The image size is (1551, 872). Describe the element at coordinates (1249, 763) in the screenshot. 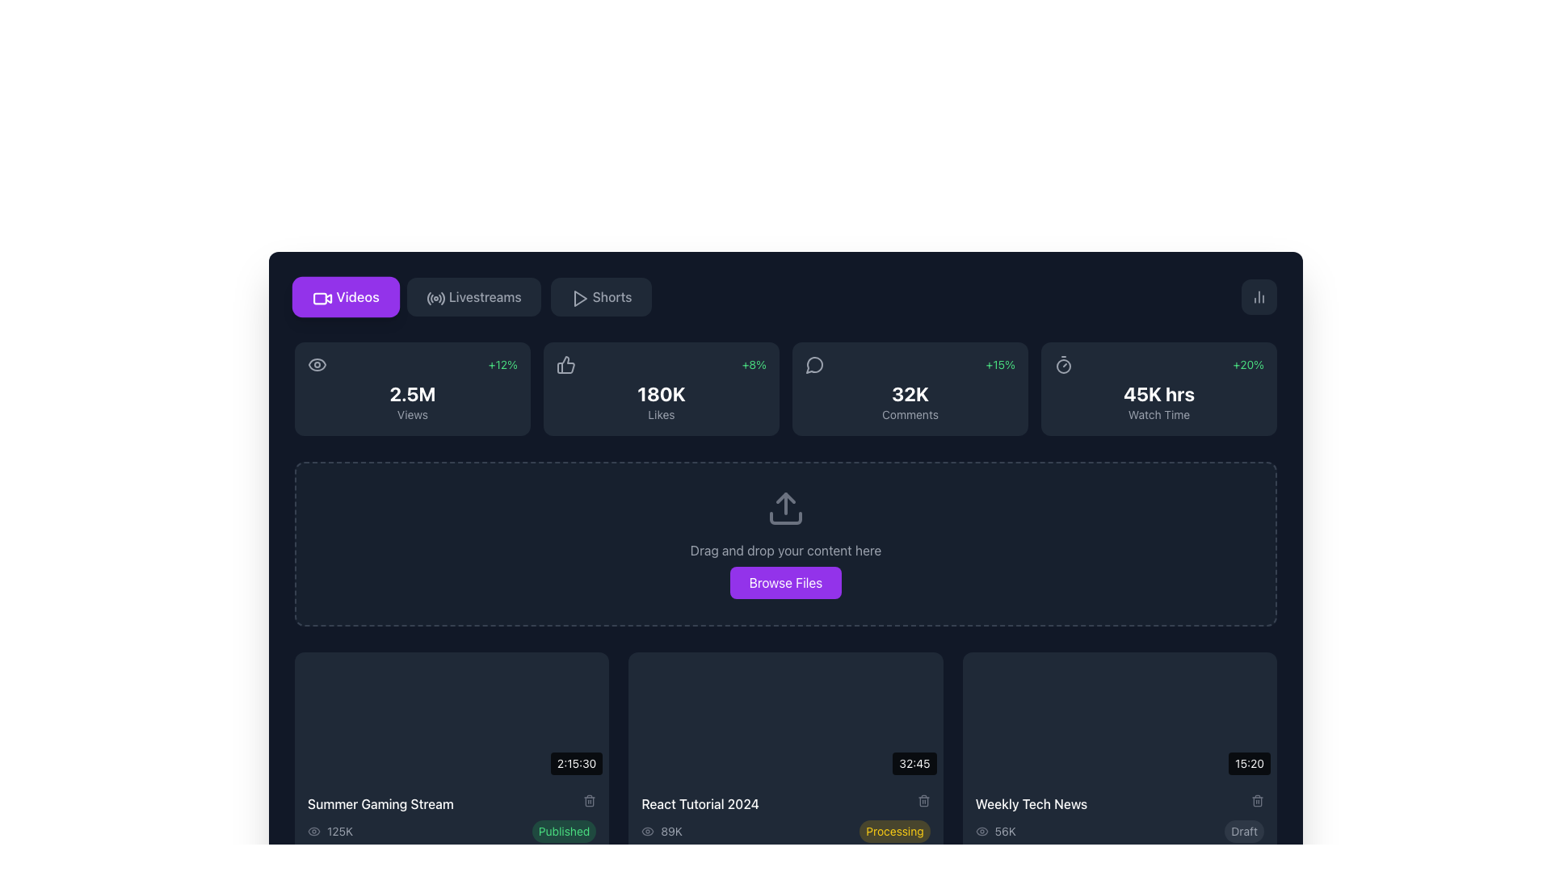

I see `the time information text label styled as a badge located at the bottom-right corner of the media tile` at that location.